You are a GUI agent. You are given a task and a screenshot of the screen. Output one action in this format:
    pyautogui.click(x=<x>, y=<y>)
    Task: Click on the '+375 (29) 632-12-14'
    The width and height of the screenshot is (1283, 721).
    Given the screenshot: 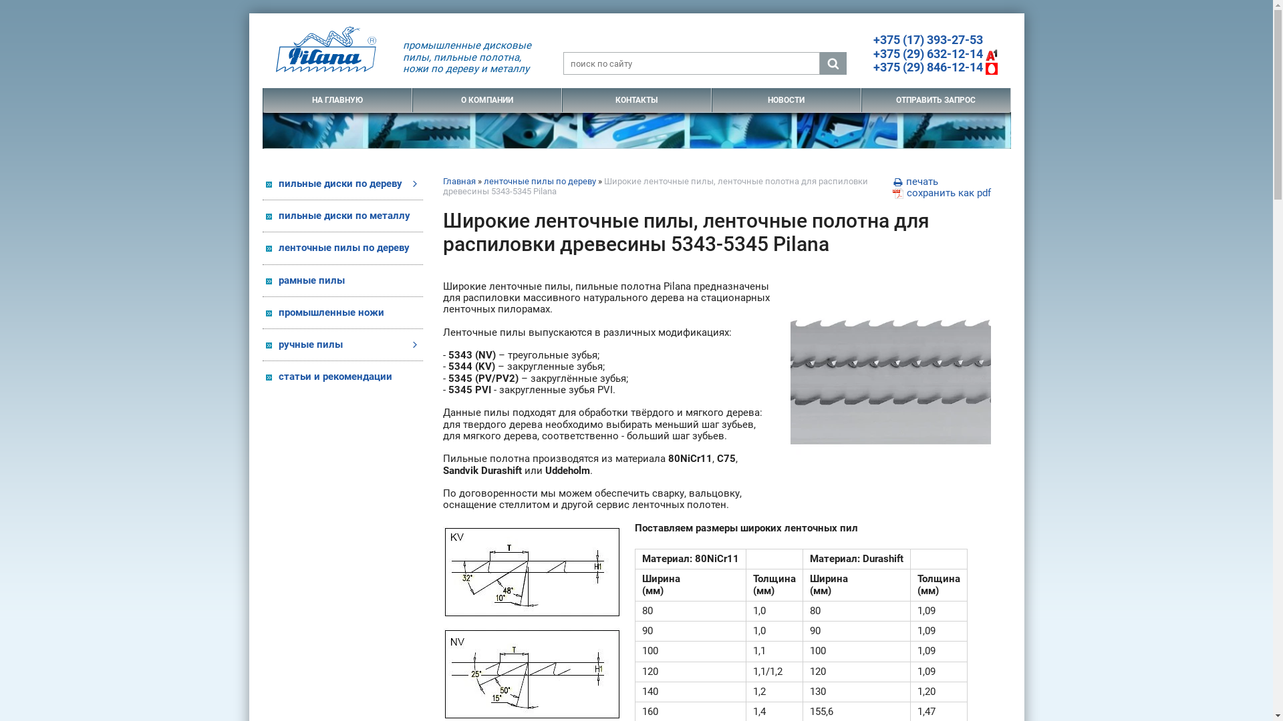 What is the action you would take?
    pyautogui.click(x=934, y=53)
    